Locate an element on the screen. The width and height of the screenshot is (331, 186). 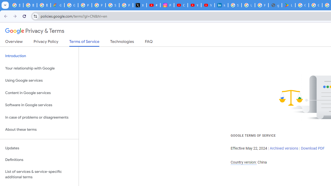
'In case of problems or disagreements' is located at coordinates (39, 117).